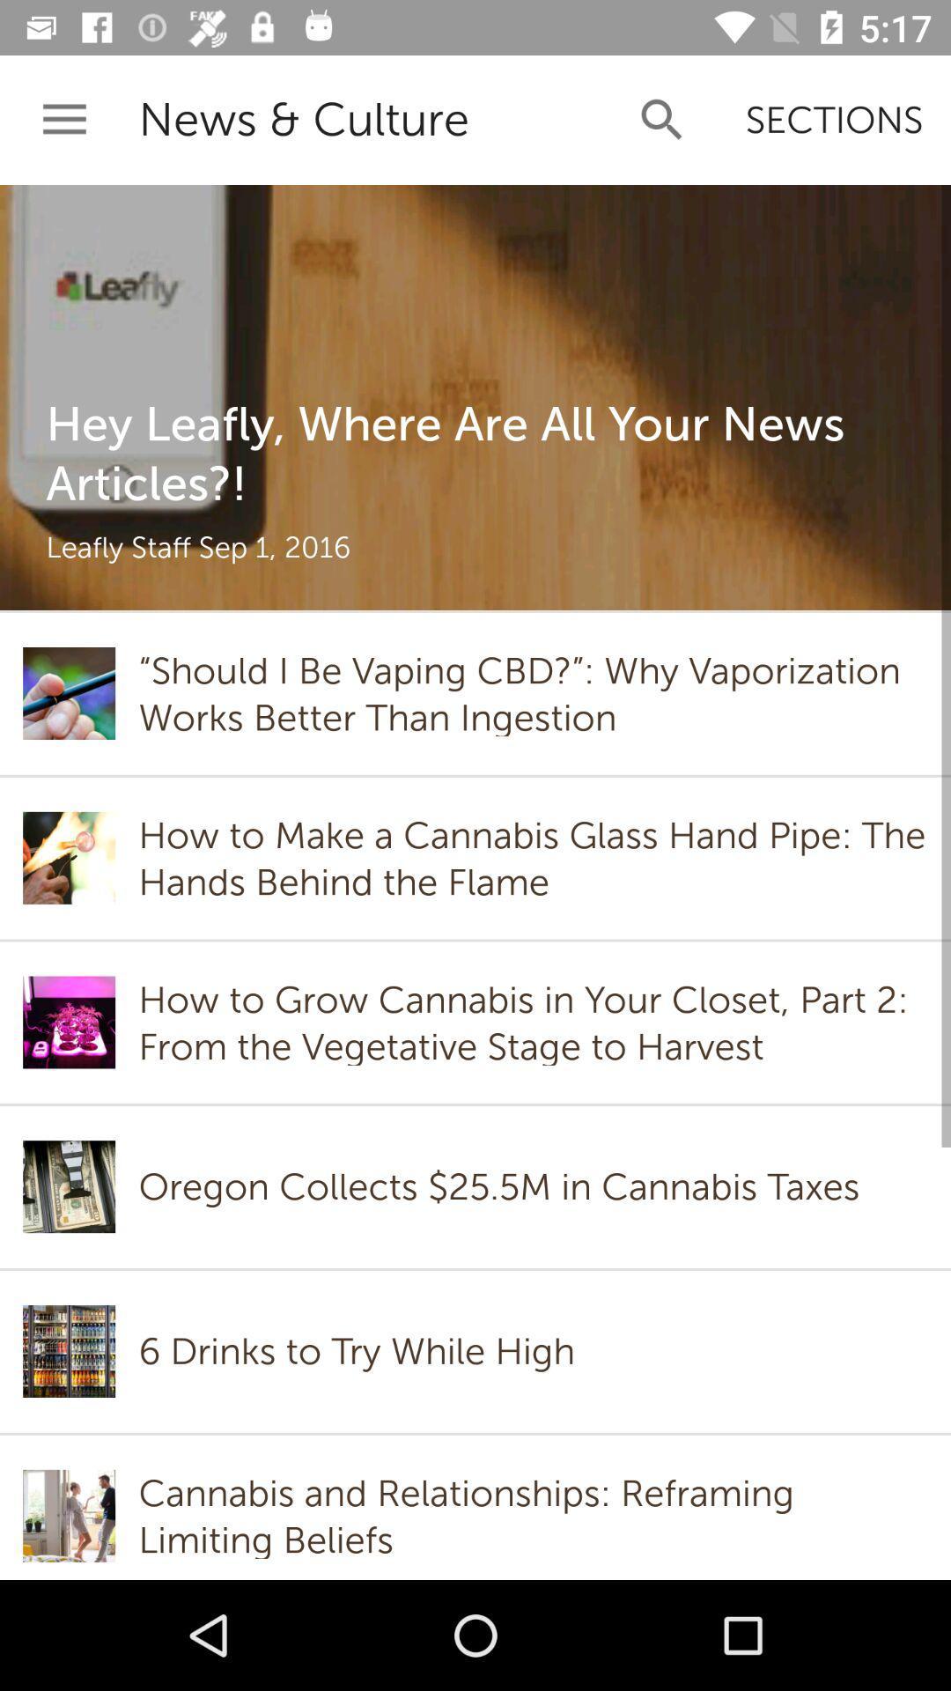  What do you see at coordinates (662, 119) in the screenshot?
I see `app next to news & culture icon` at bounding box center [662, 119].